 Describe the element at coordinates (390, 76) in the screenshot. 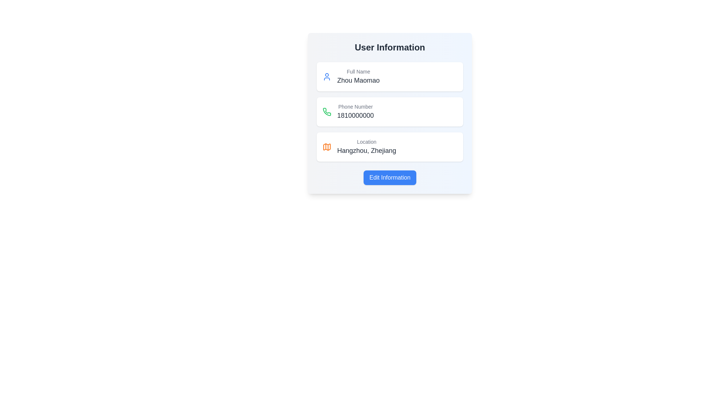

I see `the Information display card showing 'Full Name' with the name 'Zhou Maomao', the first item in the 'User Information' section` at that location.